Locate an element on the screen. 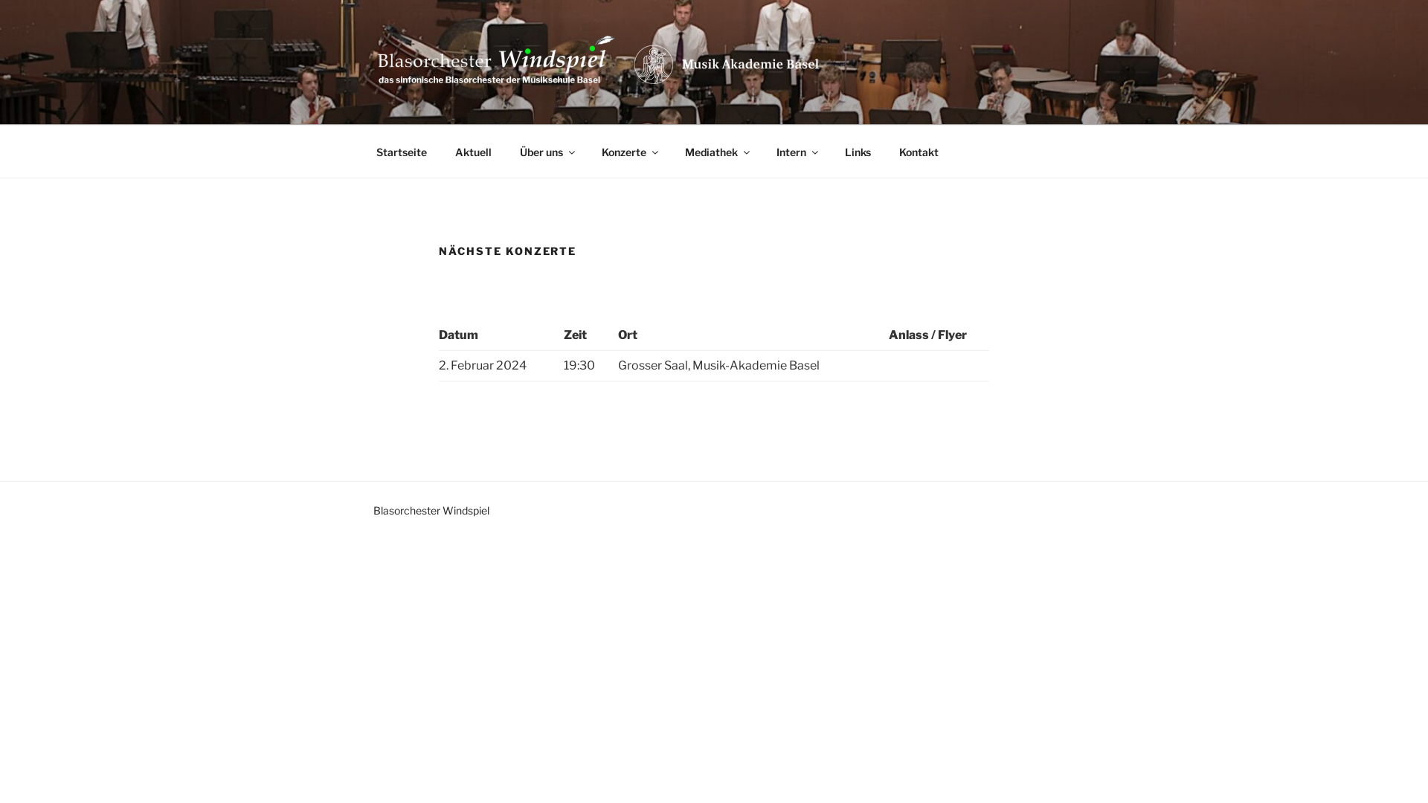  'WINDSPIEL' is located at coordinates (466, 105).